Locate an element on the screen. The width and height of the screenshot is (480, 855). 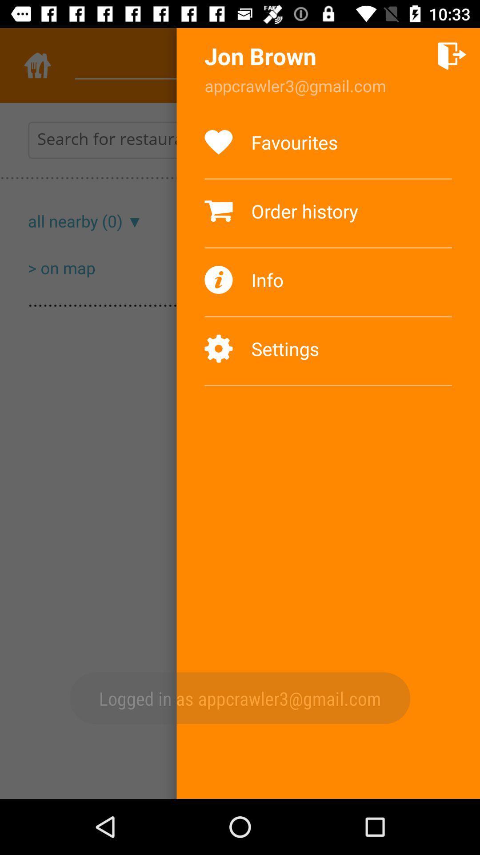
the home icon is located at coordinates (37, 65).